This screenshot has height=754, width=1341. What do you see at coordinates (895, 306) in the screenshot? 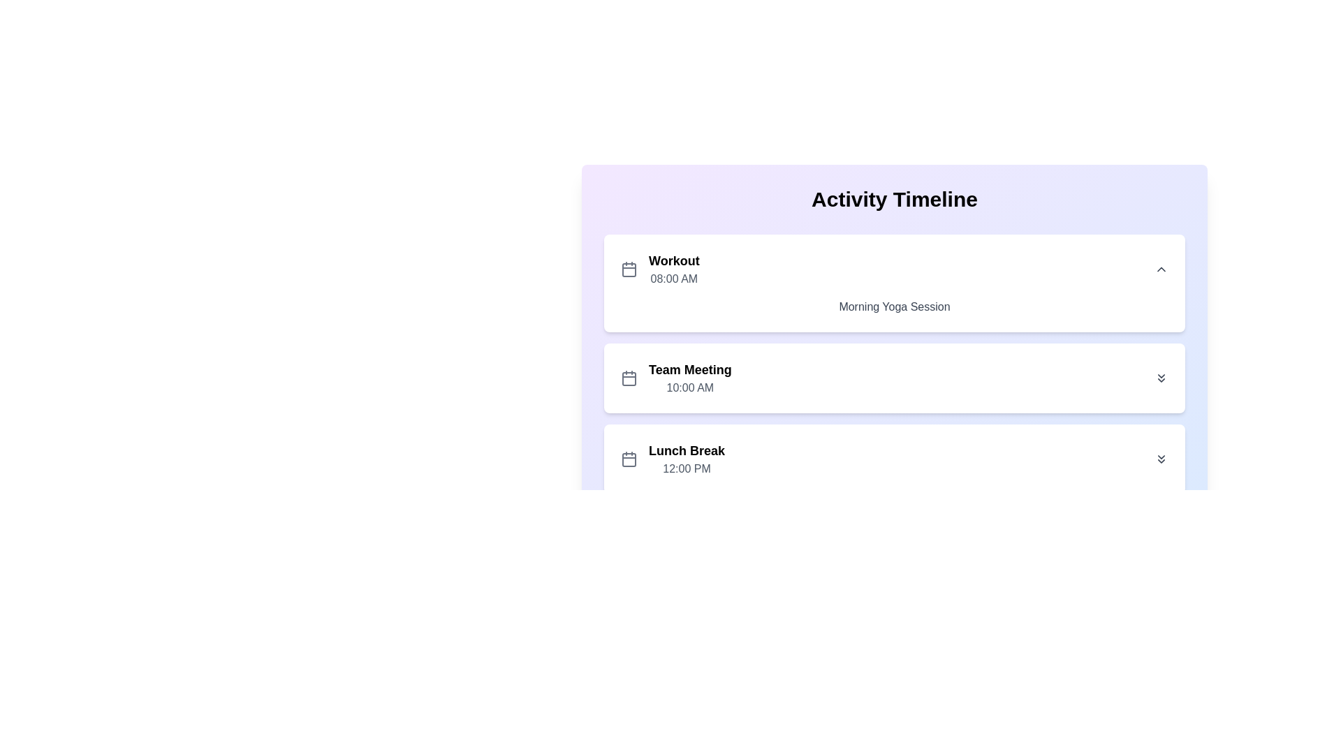
I see `the text label that describes the event or session within the 'Workout 08:00 AM' card, located beneath the '08:00 AM' time indicator` at bounding box center [895, 306].